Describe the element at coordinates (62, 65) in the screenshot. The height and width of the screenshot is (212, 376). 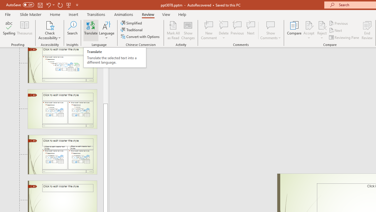
I see `'Slide Title and Content Layout: used by no slides'` at that location.